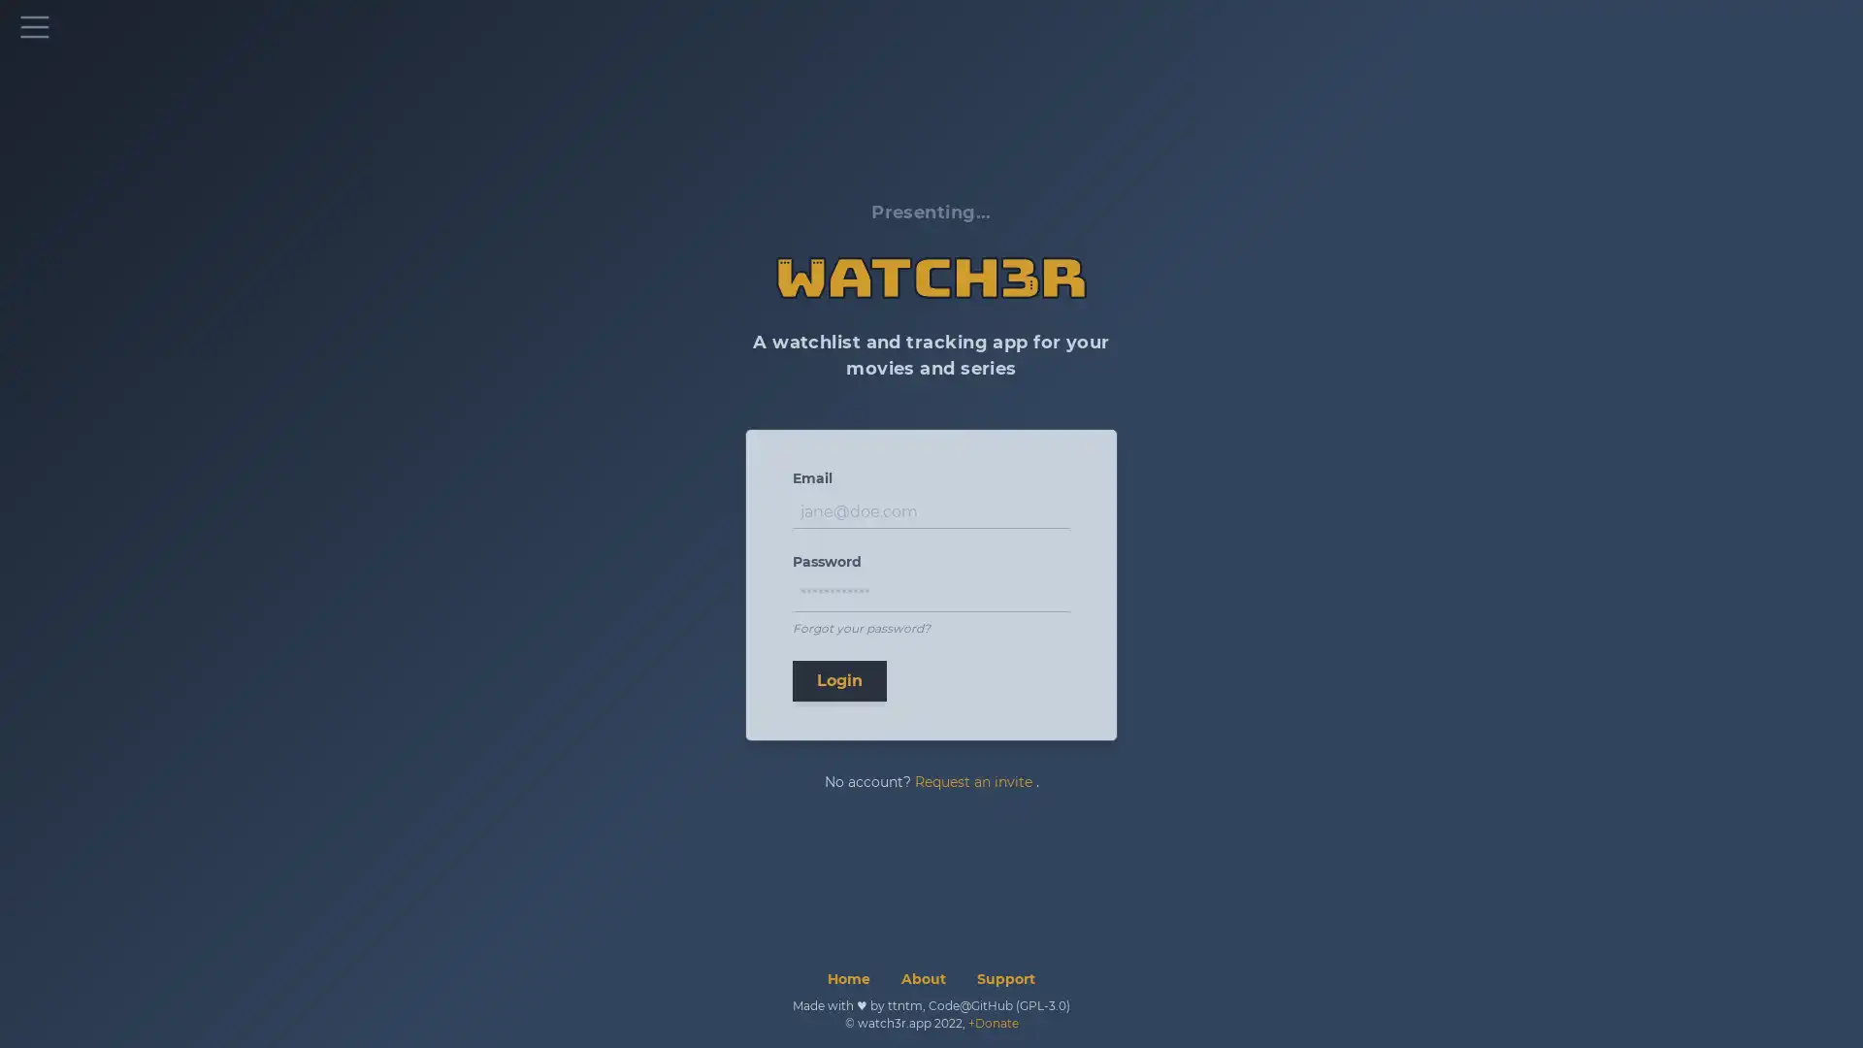 This screenshot has height=1048, width=1863. I want to click on Login, so click(839, 679).